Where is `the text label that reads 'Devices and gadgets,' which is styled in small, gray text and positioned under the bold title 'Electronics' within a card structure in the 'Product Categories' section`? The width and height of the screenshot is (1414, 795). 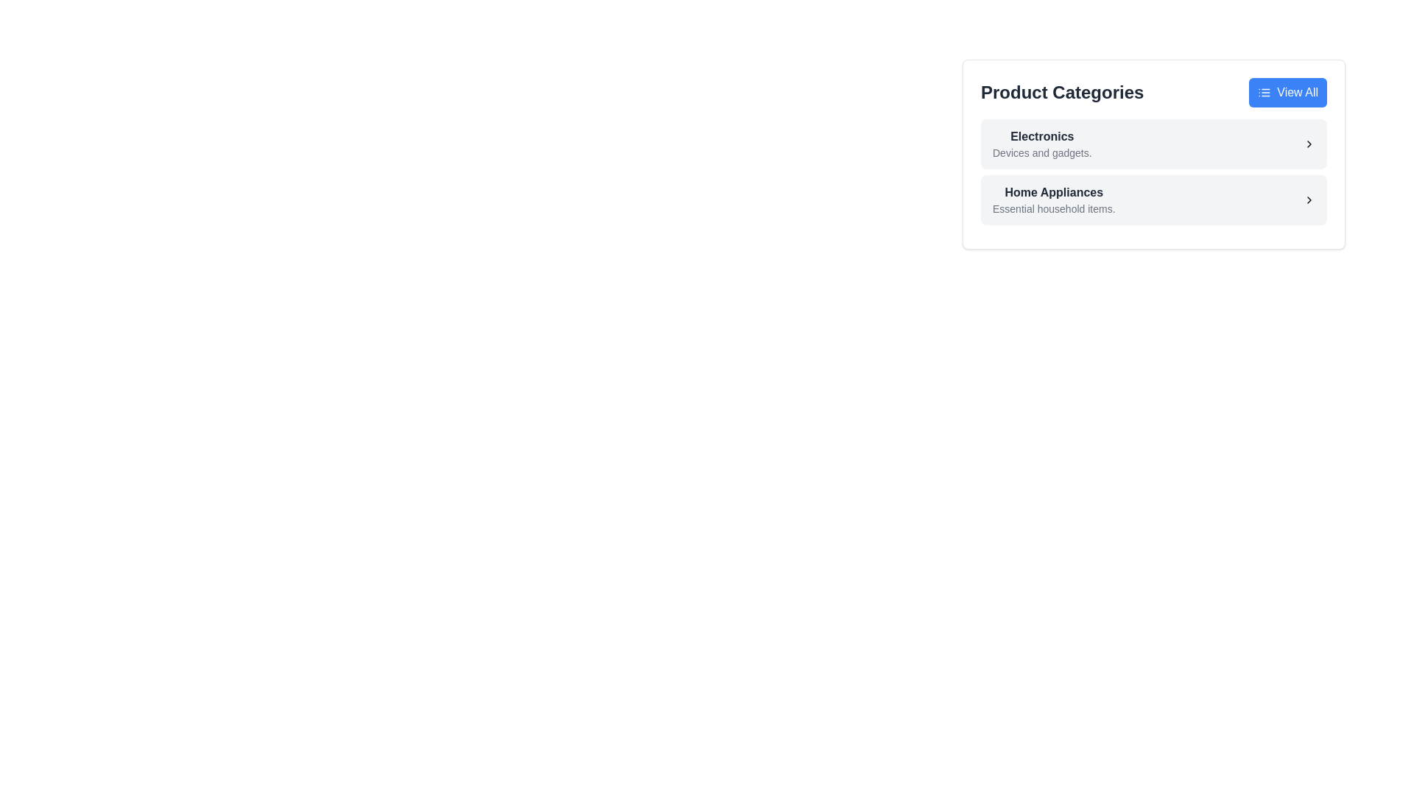
the text label that reads 'Devices and gadgets,' which is styled in small, gray text and positioned under the bold title 'Electronics' within a card structure in the 'Product Categories' section is located at coordinates (1041, 153).